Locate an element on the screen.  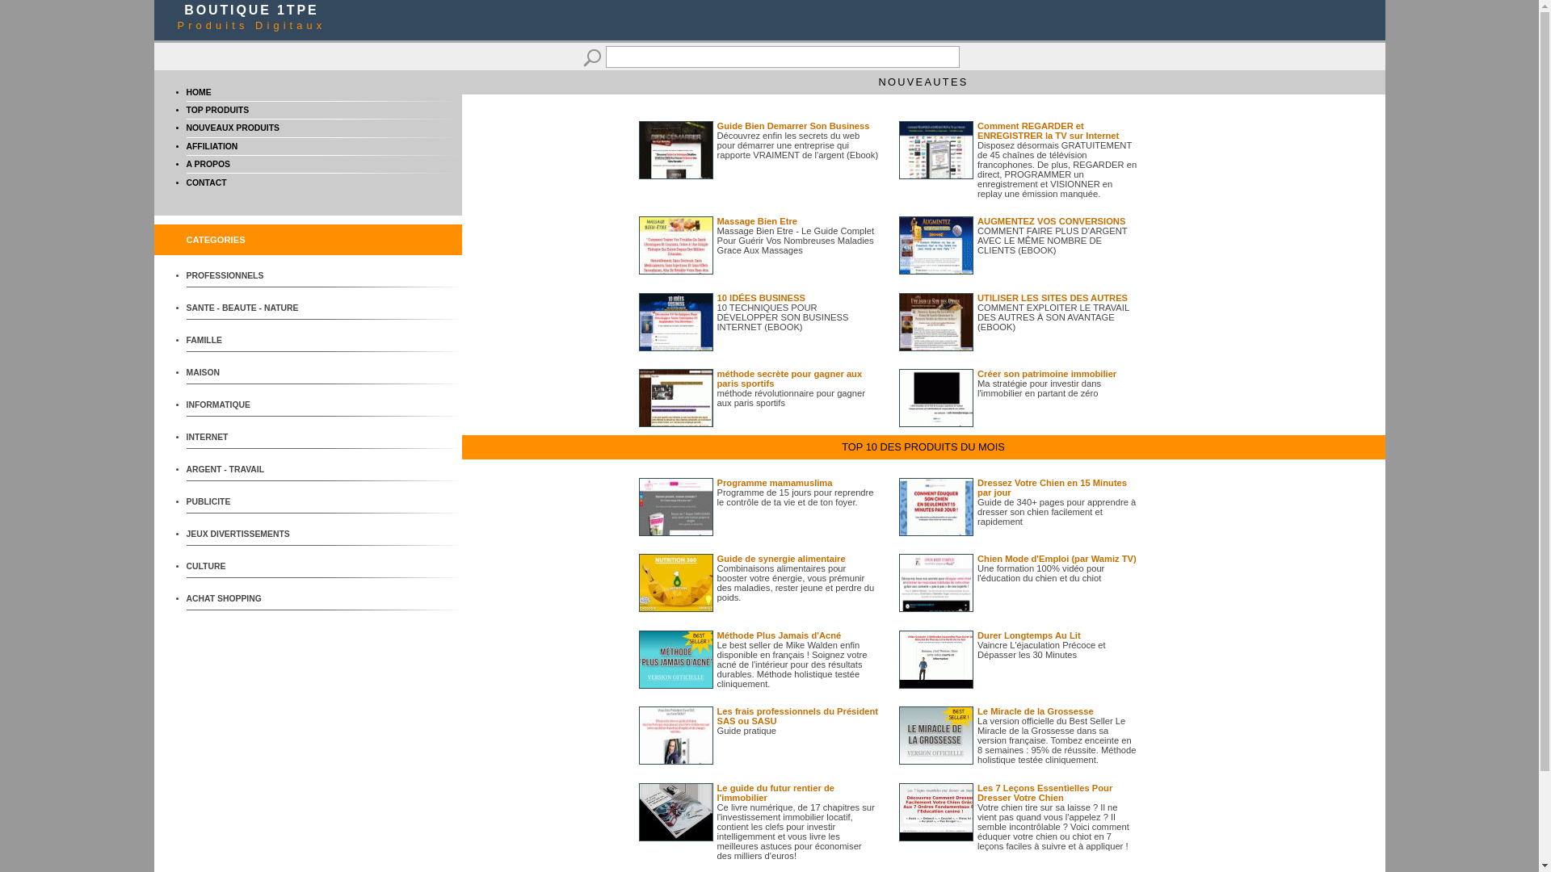
'MAISON' is located at coordinates (246, 372).